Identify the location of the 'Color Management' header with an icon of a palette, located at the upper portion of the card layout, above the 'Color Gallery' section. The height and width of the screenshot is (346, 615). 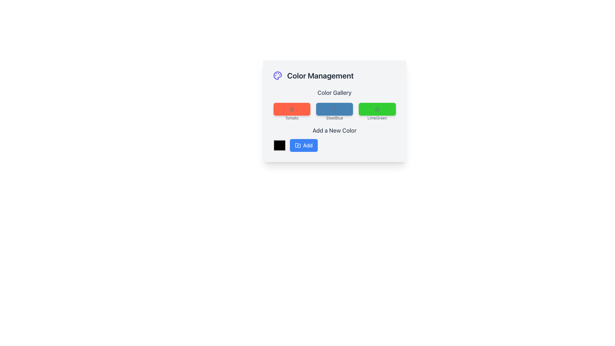
(334, 75).